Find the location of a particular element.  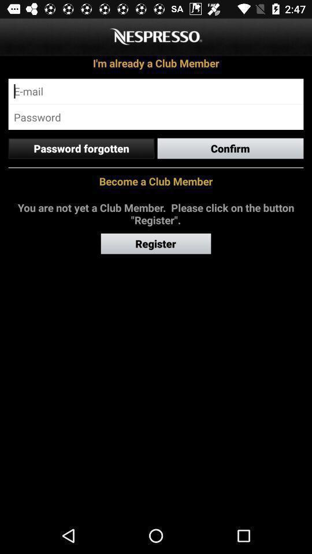

the password forgotten icon is located at coordinates (80, 148).